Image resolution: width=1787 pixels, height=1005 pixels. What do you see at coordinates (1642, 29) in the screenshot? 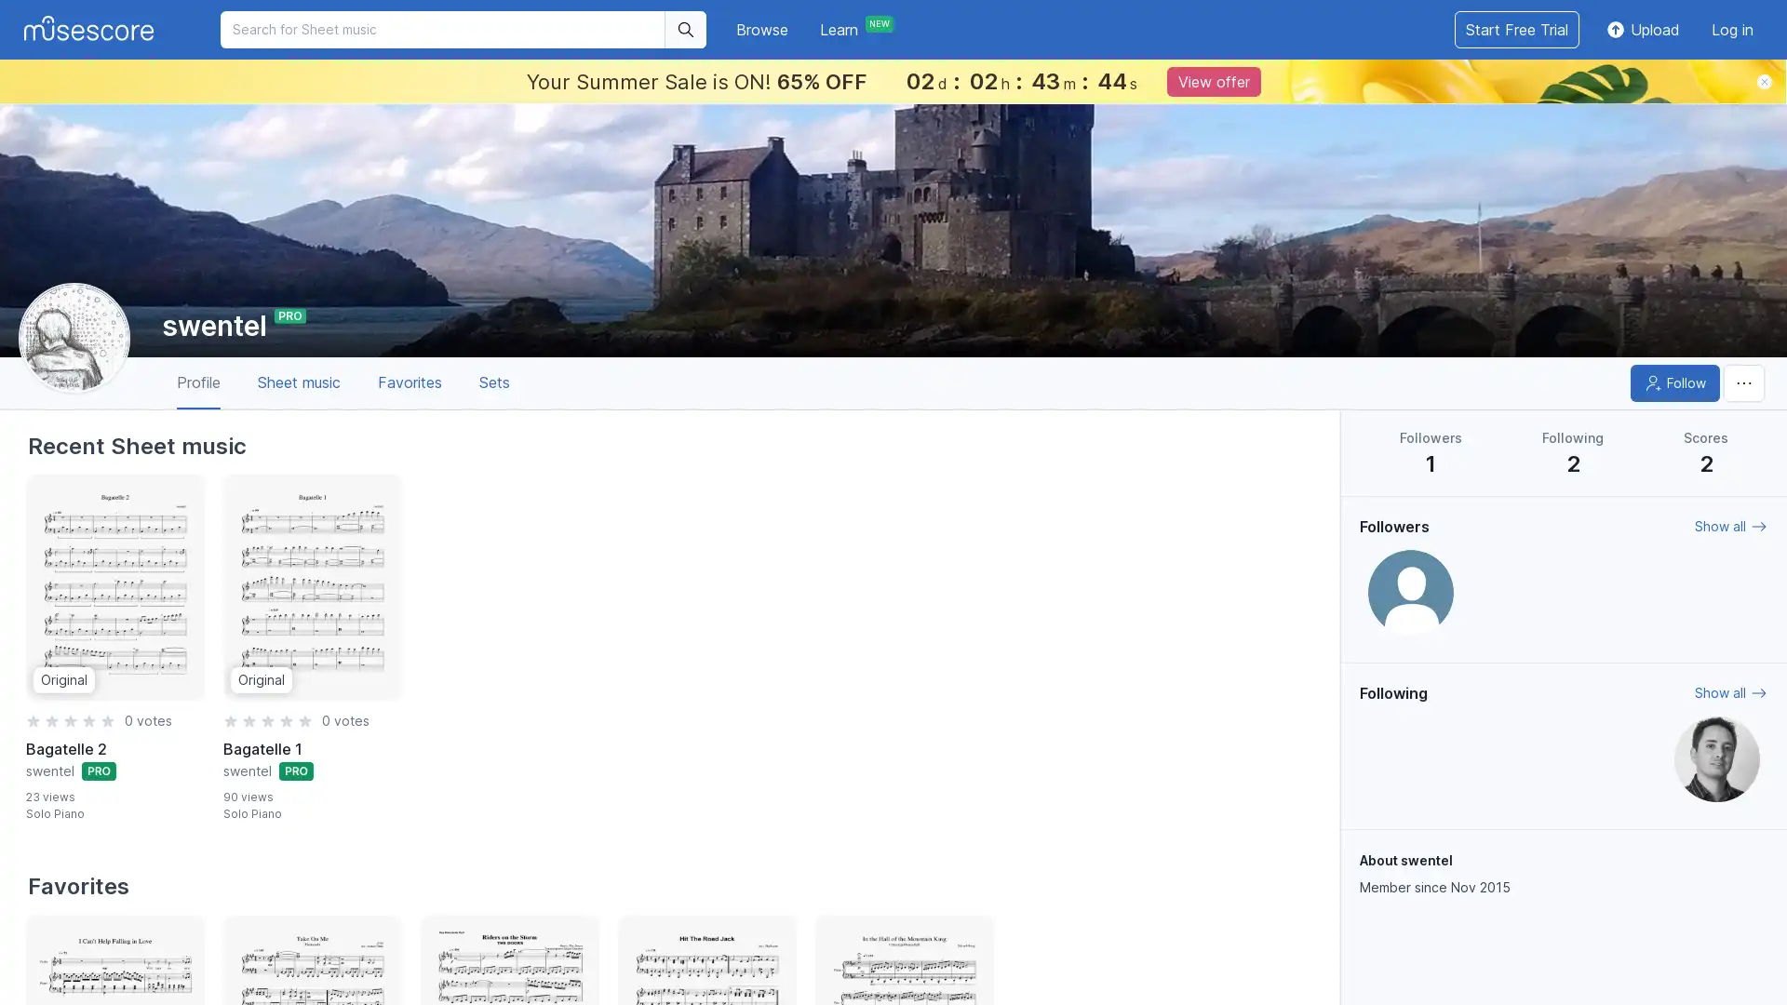
I see `Upload` at bounding box center [1642, 29].